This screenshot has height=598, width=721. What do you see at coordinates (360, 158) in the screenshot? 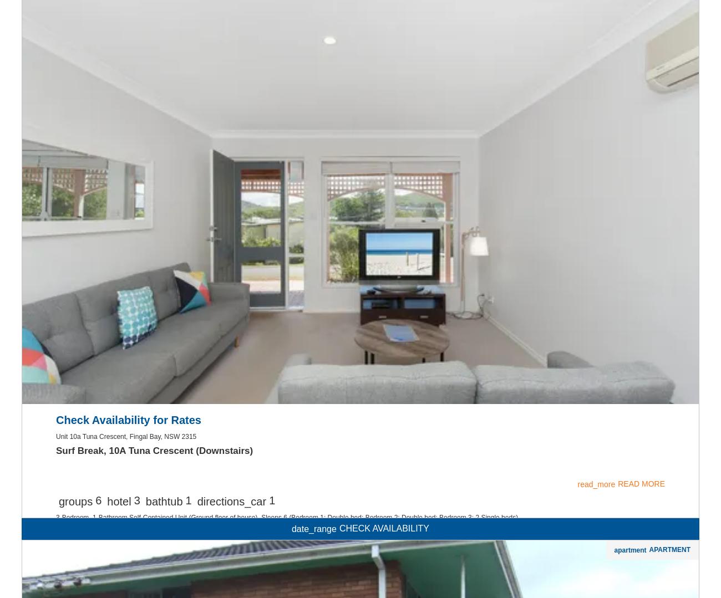
I see `'local_laundry_service'` at bounding box center [360, 158].